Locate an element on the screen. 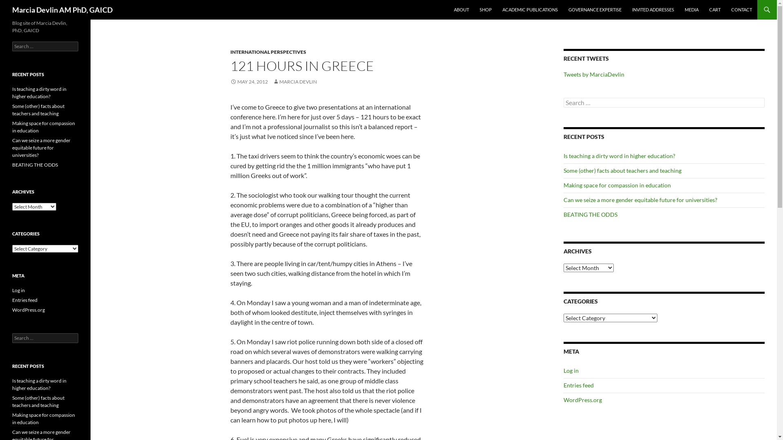 The image size is (783, 440). 'Tweets by MarciaDevlin' is located at coordinates (563, 74).